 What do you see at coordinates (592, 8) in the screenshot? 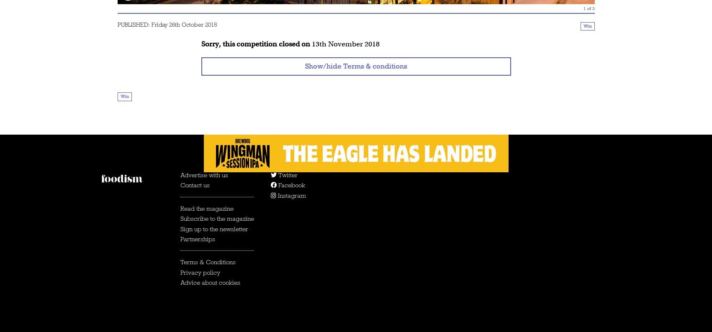
I see `'3'` at bounding box center [592, 8].